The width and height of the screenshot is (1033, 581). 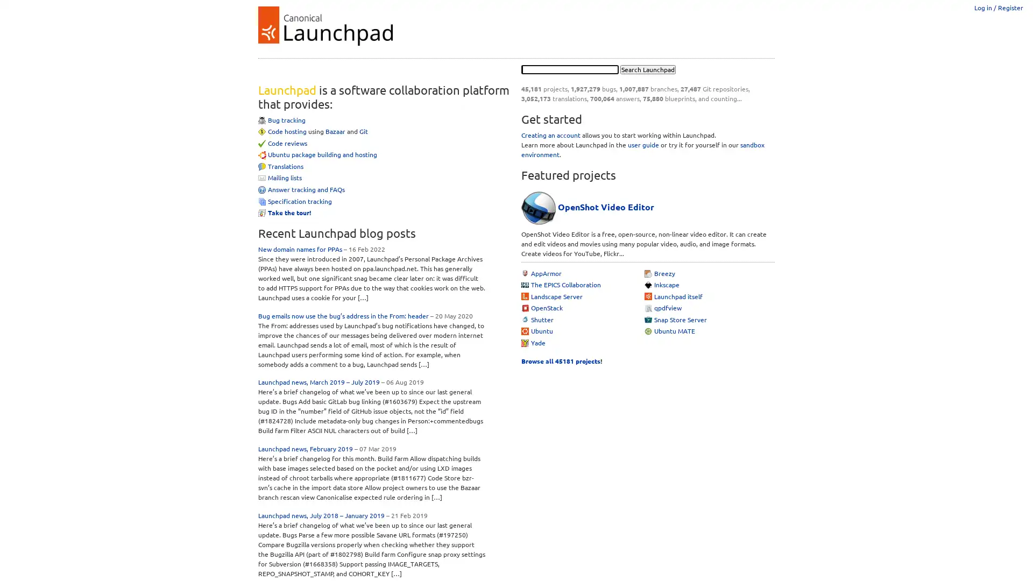 What do you see at coordinates (647, 69) in the screenshot?
I see `Search Launchpad` at bounding box center [647, 69].